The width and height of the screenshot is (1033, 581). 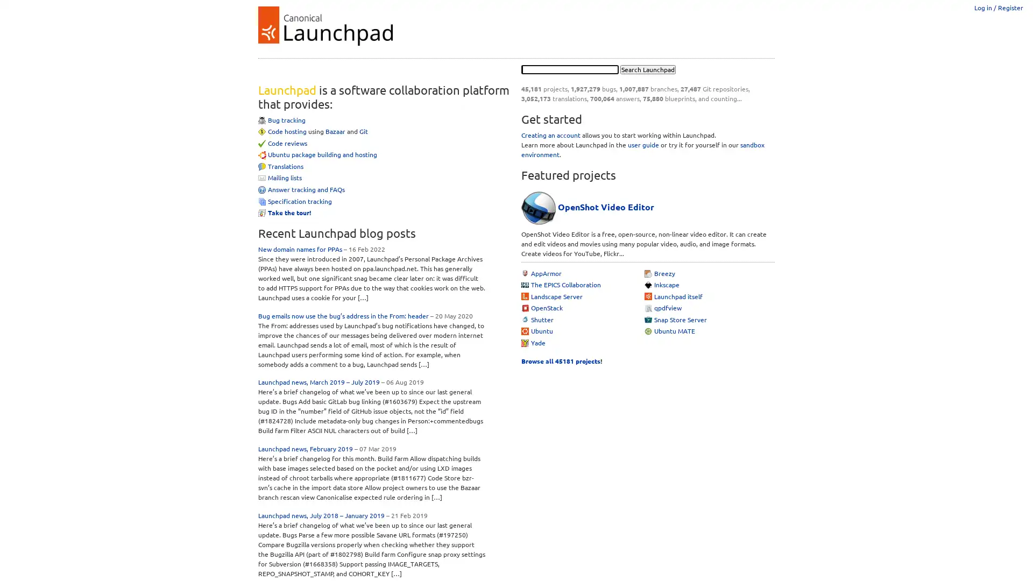 What do you see at coordinates (647, 69) in the screenshot?
I see `Search Launchpad` at bounding box center [647, 69].